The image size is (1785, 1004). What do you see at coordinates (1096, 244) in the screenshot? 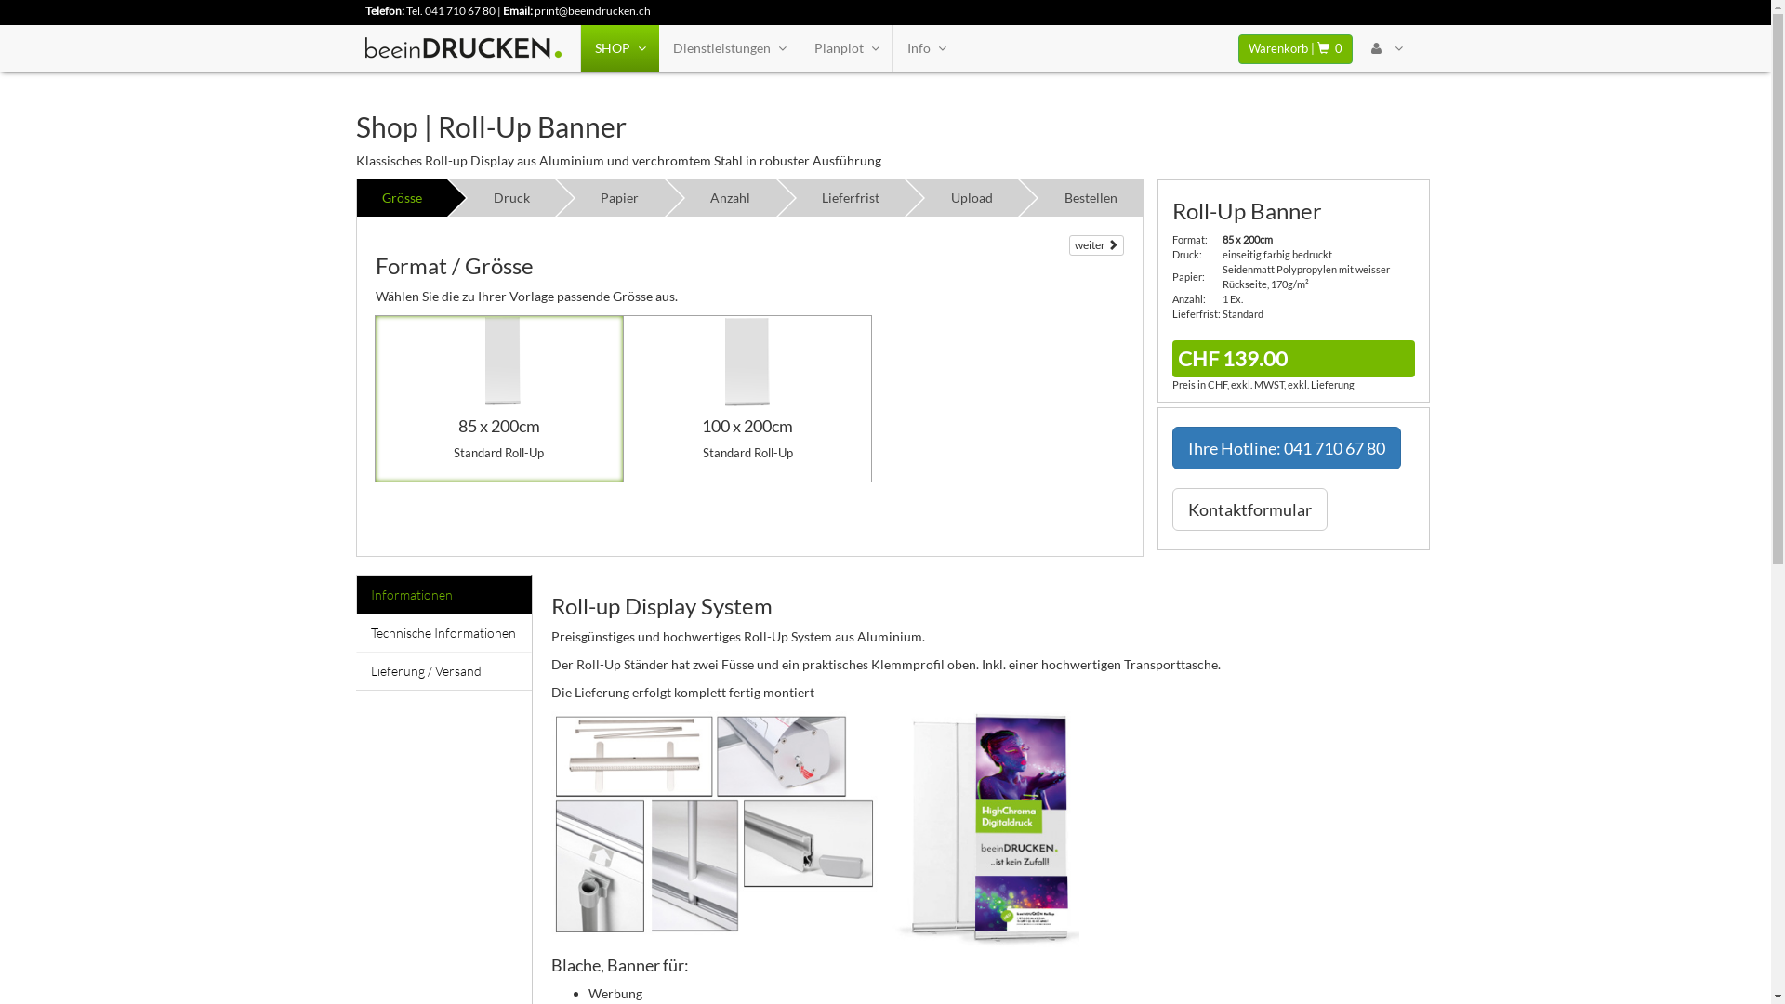
I see `'weiter'` at bounding box center [1096, 244].